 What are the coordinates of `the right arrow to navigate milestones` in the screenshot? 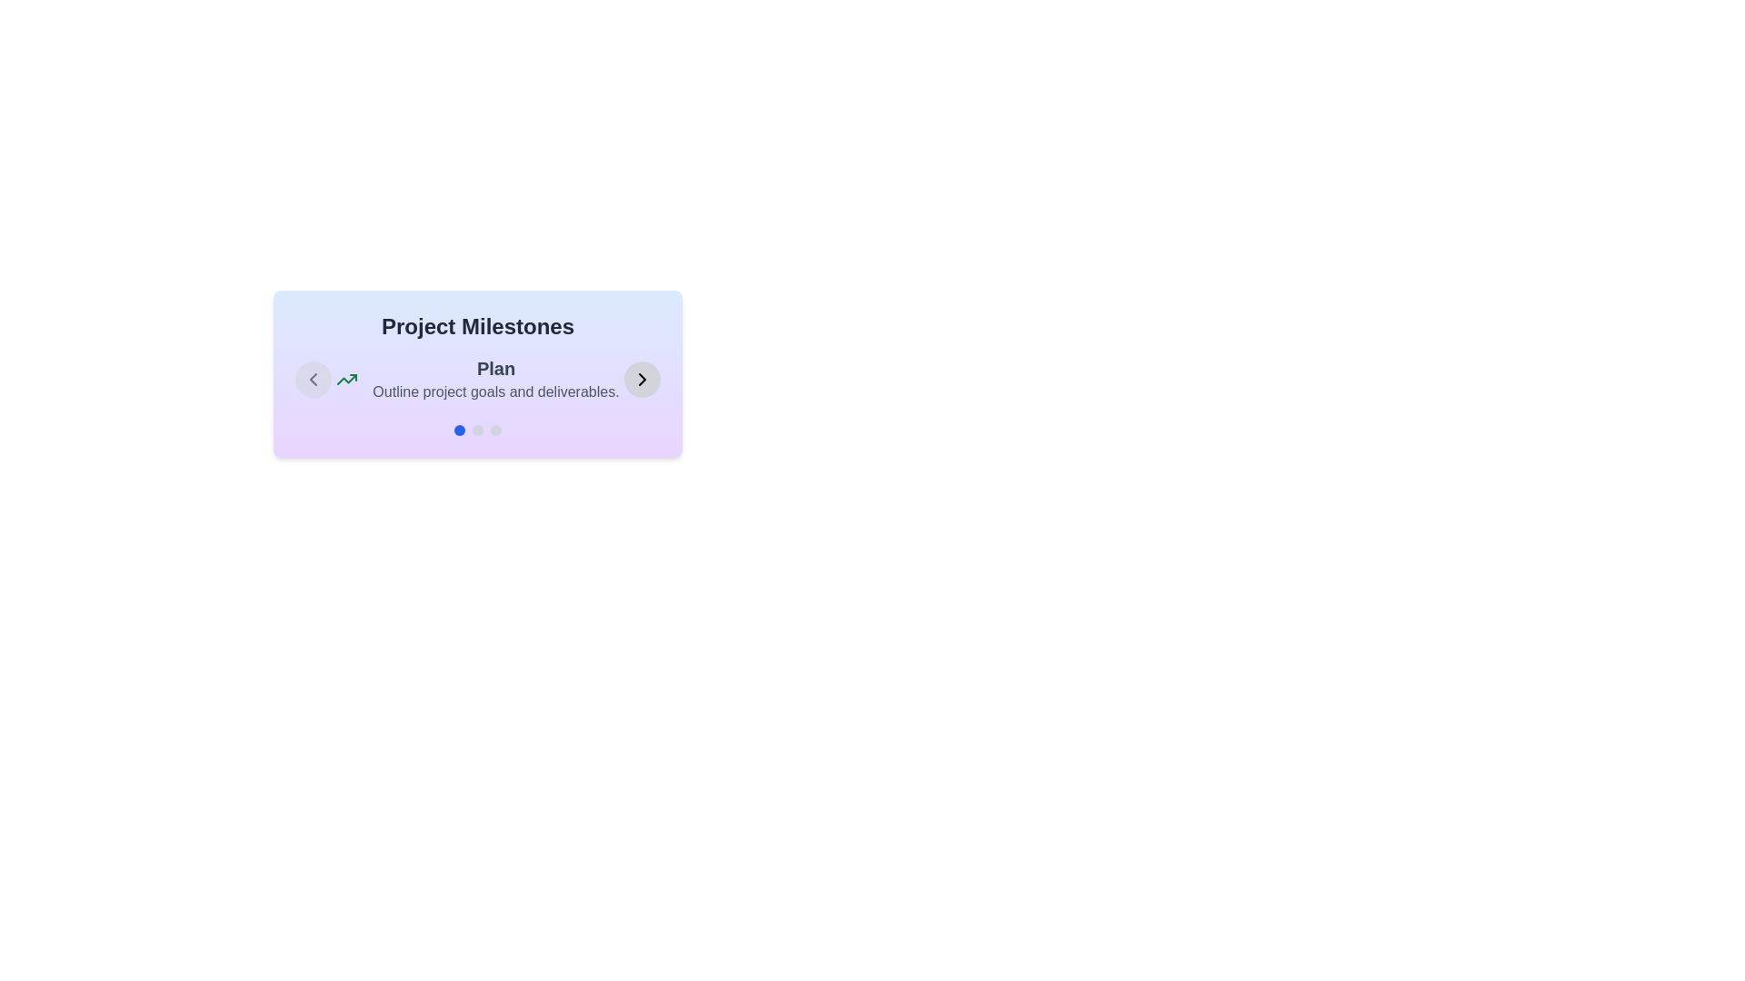 It's located at (642, 378).